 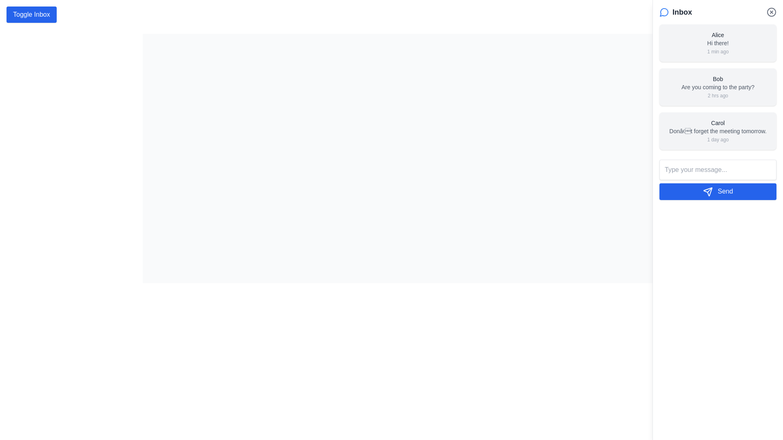 What do you see at coordinates (718, 95) in the screenshot?
I see `the timestamp text label indicating '2 hrs ago,' located at the bottom-right of Bob's chat message card` at bounding box center [718, 95].